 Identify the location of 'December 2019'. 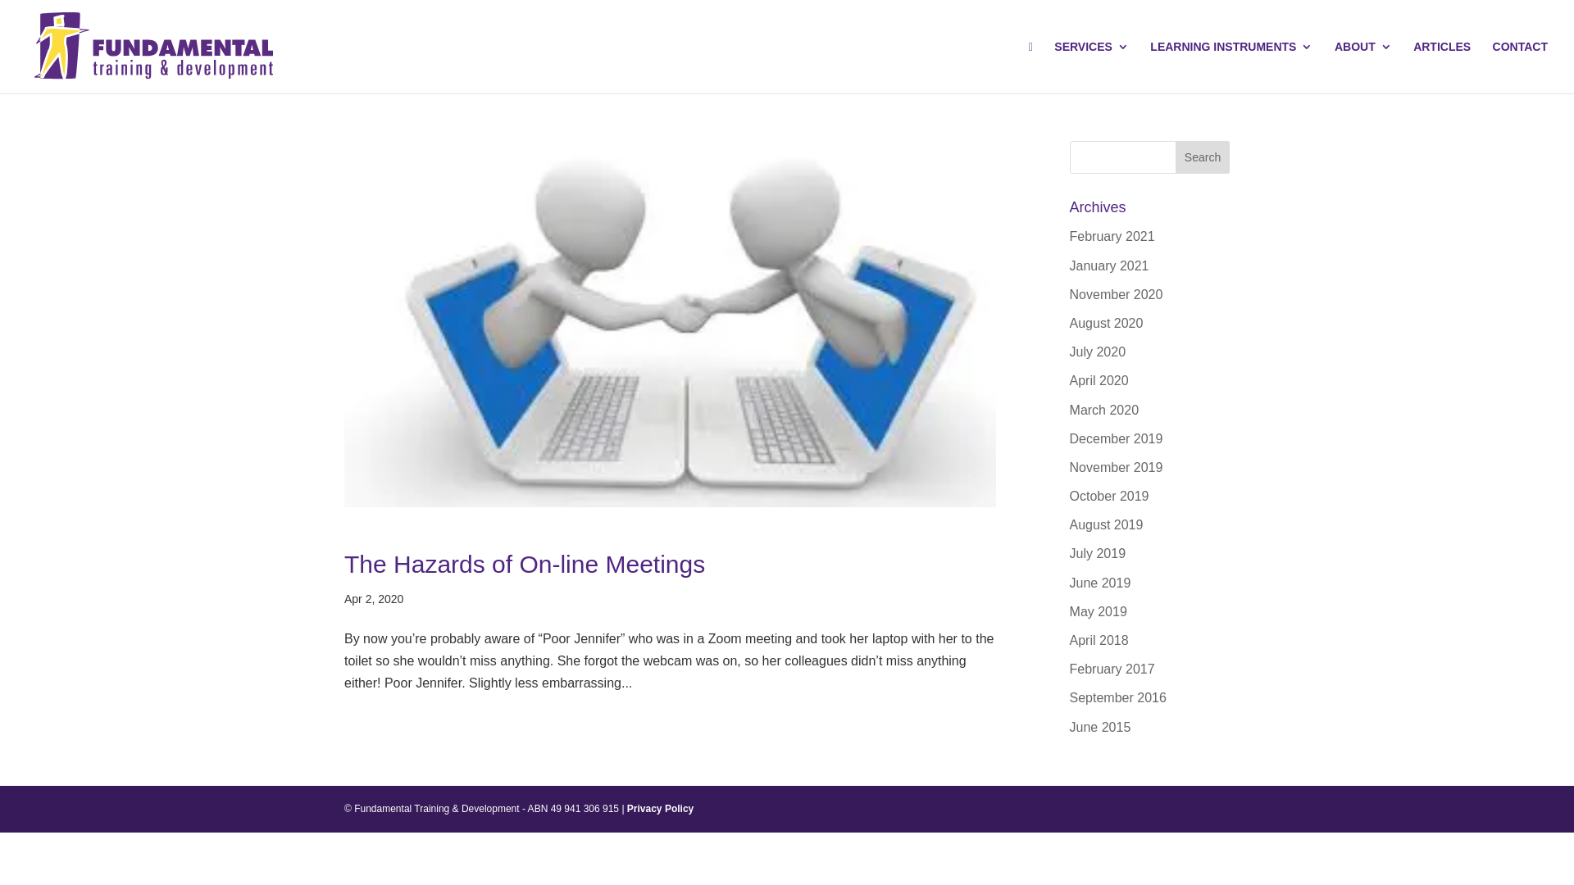
(1070, 438).